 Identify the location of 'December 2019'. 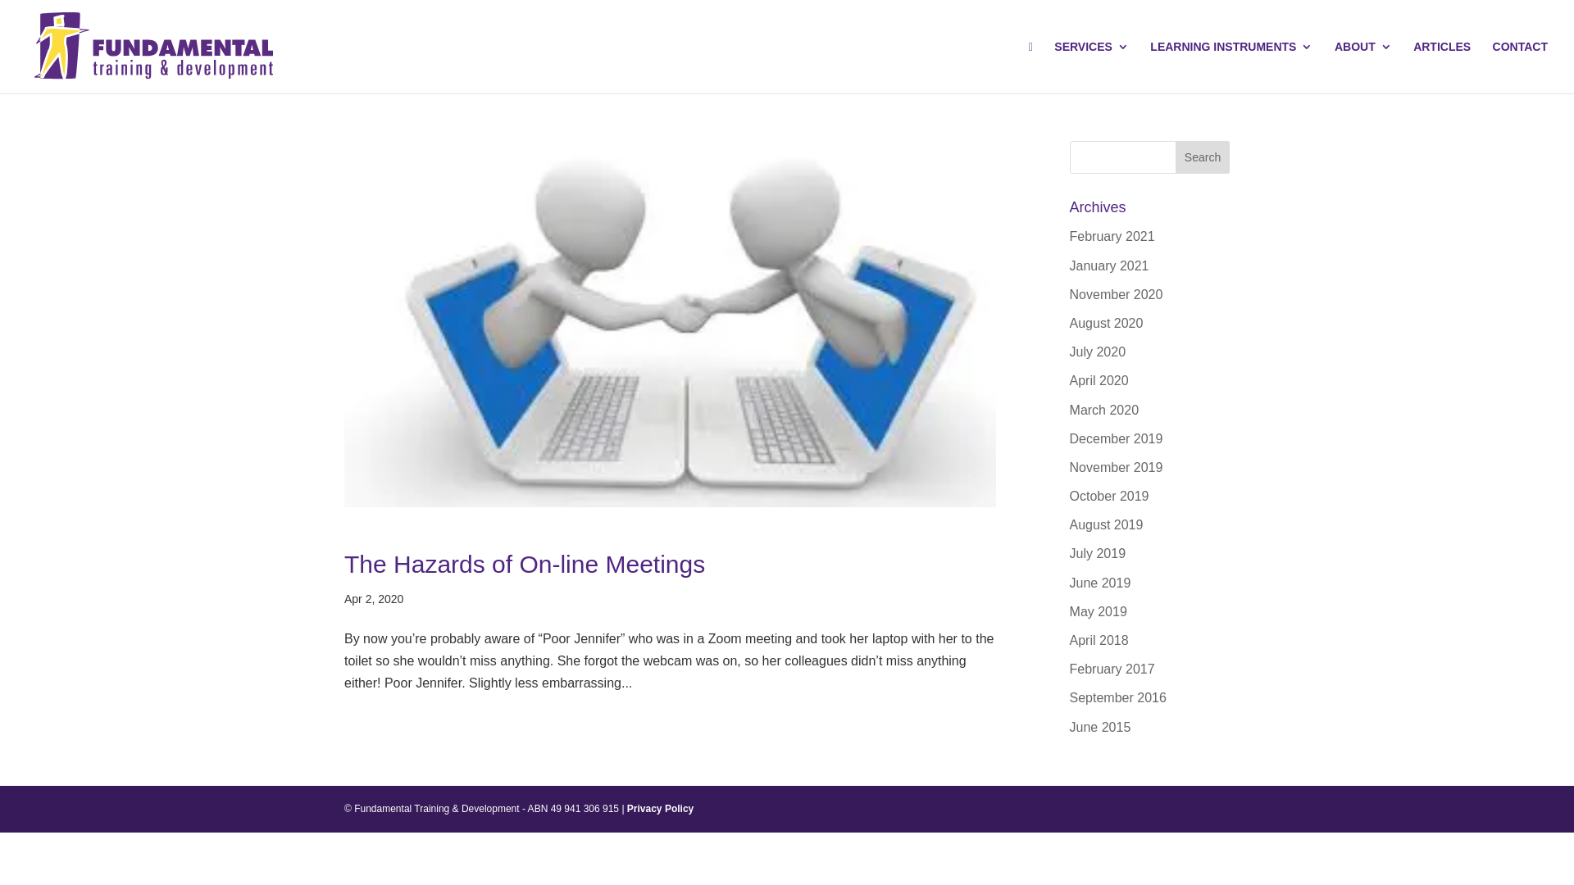
(1070, 438).